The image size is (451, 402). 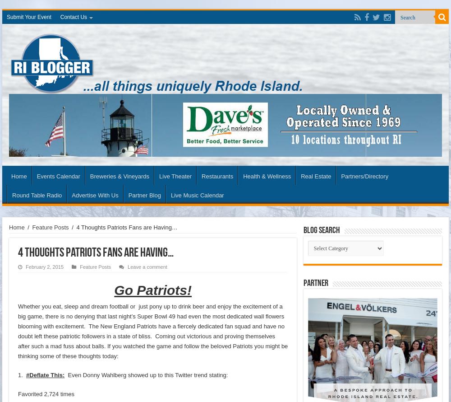 I want to click on 'February 2, 2015', so click(x=44, y=266).